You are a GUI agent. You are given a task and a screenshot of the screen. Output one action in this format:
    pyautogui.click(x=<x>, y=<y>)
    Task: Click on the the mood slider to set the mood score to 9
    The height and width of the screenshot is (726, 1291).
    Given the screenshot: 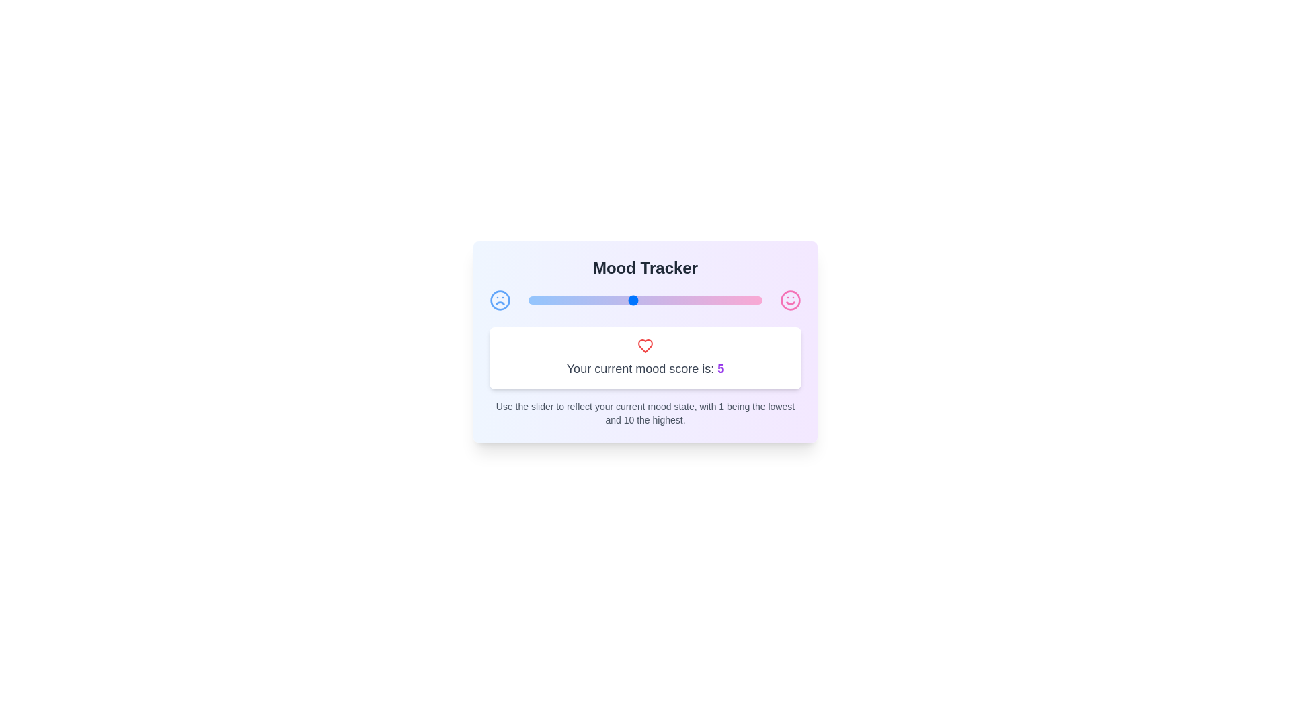 What is the action you would take?
    pyautogui.click(x=736, y=300)
    